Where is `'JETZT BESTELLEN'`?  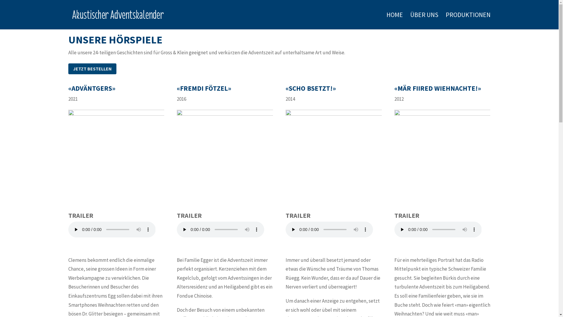 'JETZT BESTELLEN' is located at coordinates (91, 68).